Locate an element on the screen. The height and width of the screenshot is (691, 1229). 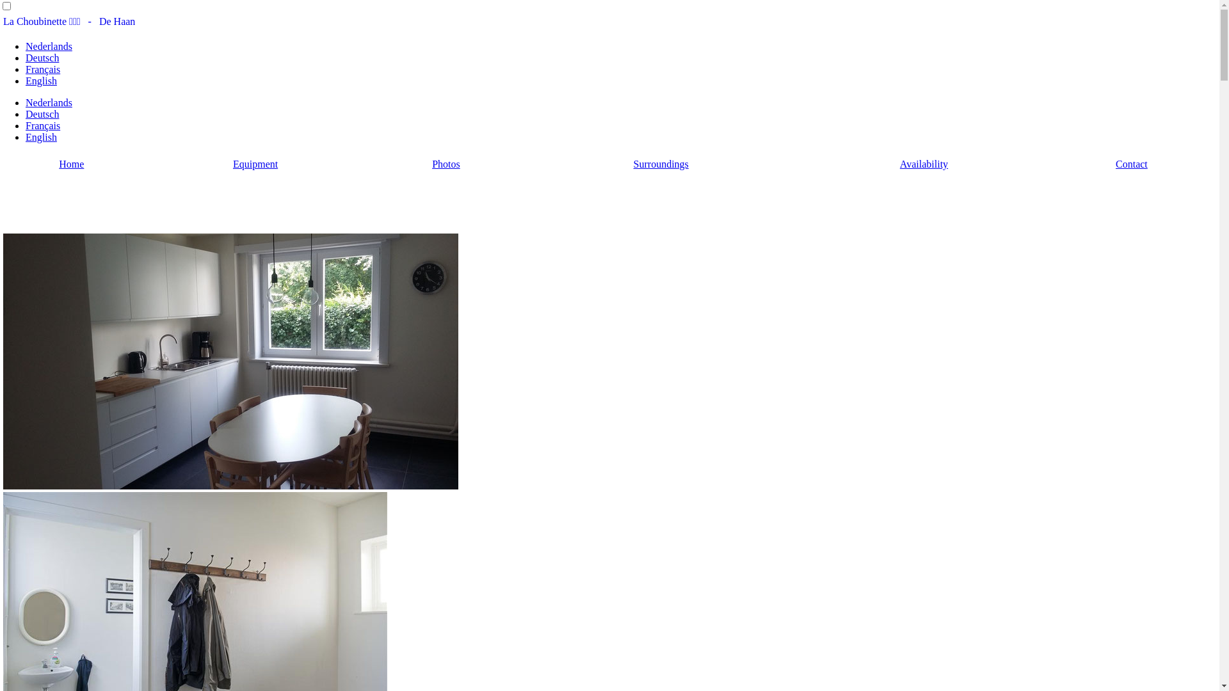
'Surroundings' is located at coordinates (661, 163).